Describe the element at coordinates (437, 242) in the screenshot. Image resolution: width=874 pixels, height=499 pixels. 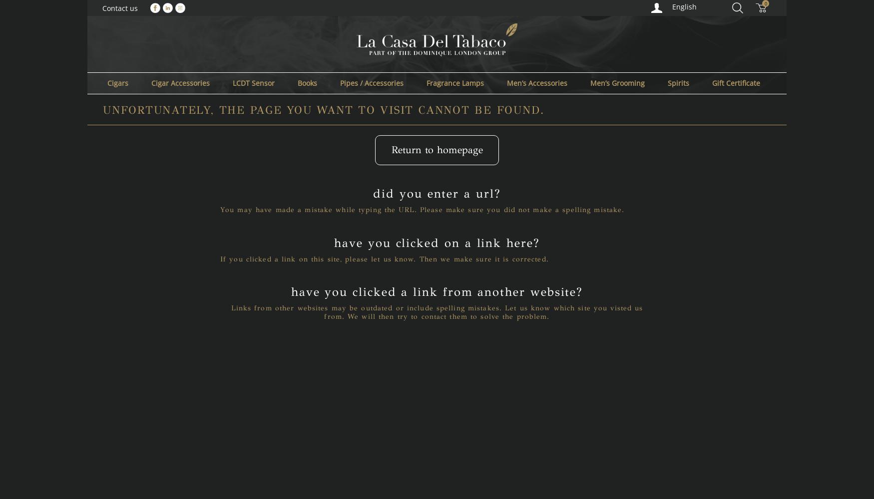
I see `'Have you clicked on a link here?'` at that location.